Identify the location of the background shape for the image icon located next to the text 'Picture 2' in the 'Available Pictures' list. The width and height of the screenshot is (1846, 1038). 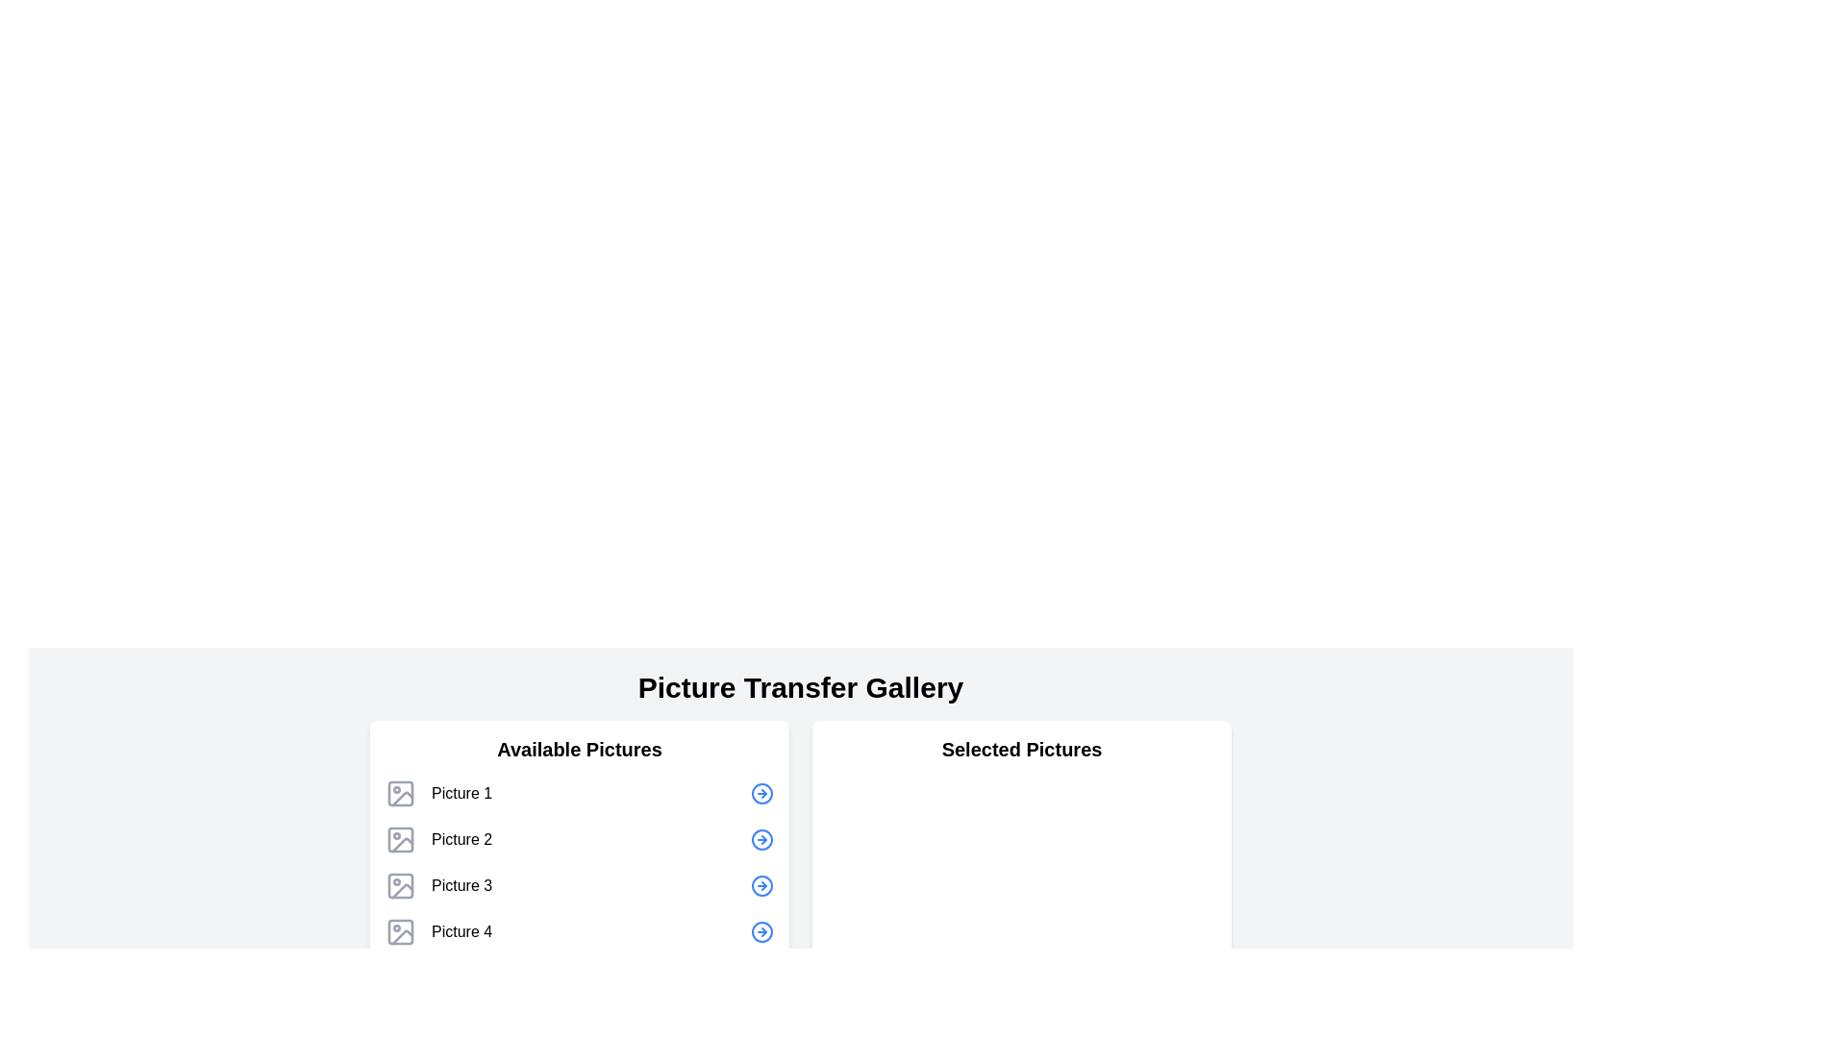
(400, 839).